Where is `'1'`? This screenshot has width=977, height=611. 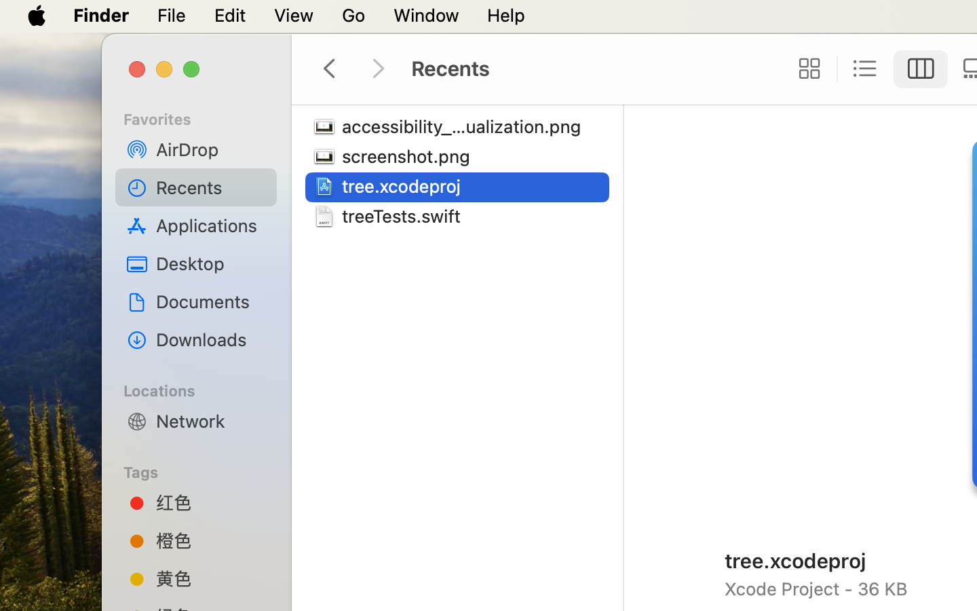 '1' is located at coordinates (920, 68).